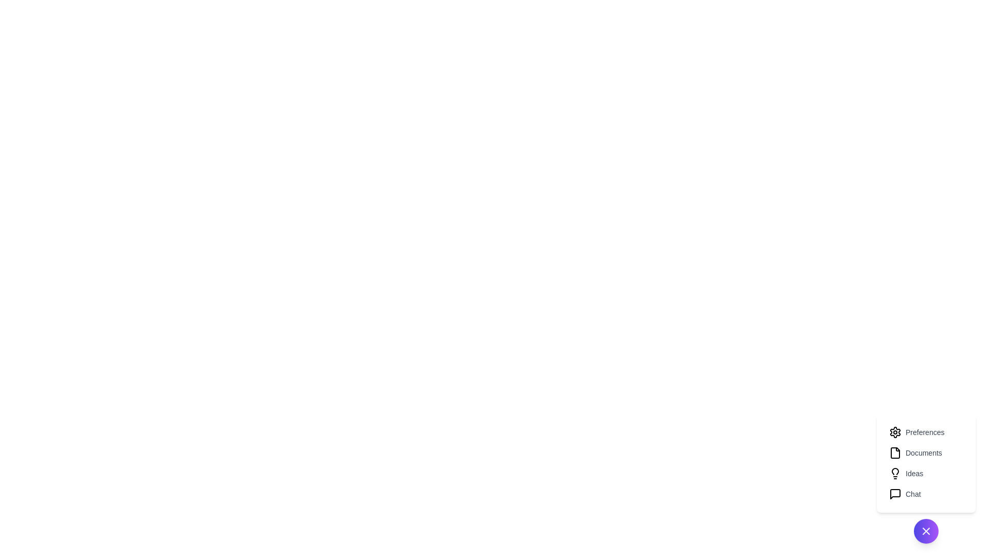  I want to click on the menu item labeled Chat to trigger its associated action, so click(926, 494).